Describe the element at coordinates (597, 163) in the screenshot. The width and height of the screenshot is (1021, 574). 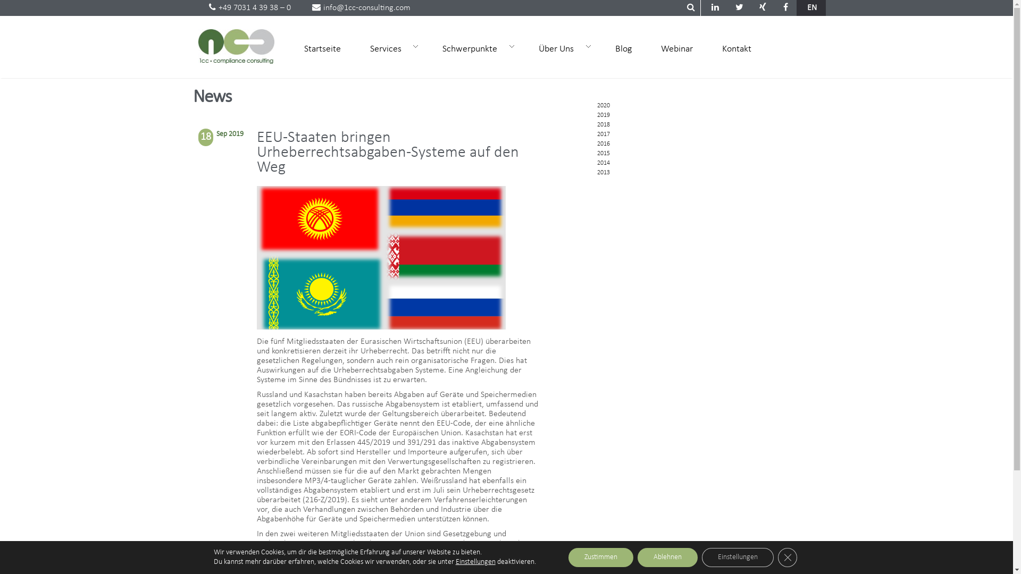
I see `'2014'` at that location.